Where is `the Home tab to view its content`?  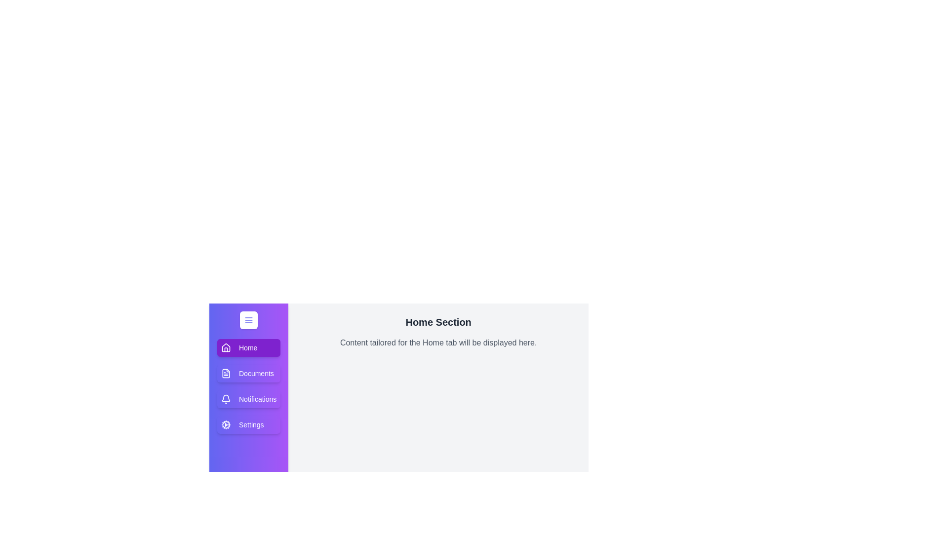 the Home tab to view its content is located at coordinates (249, 347).